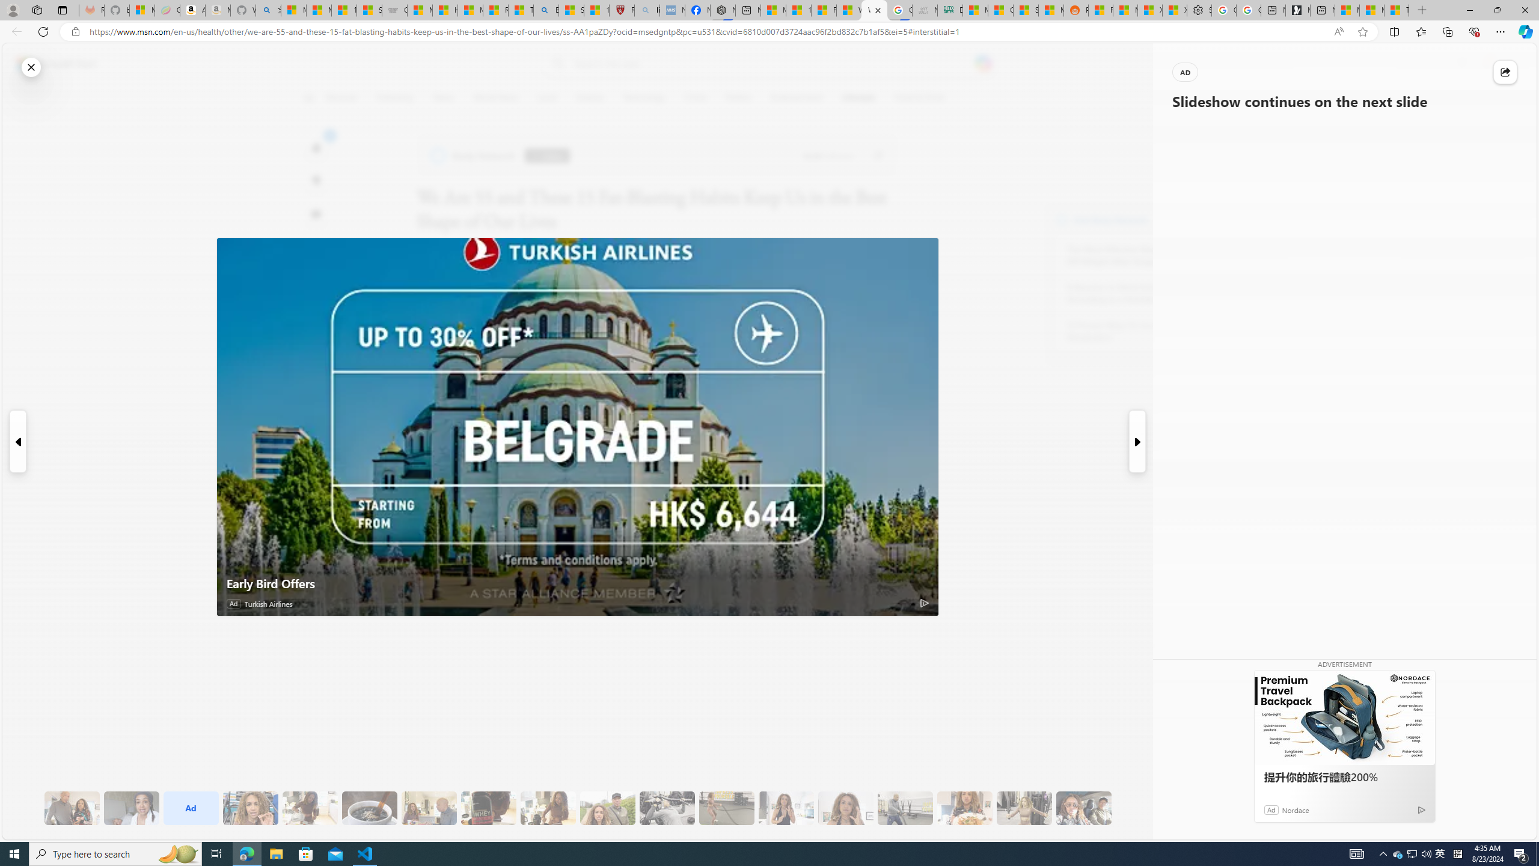 The height and width of the screenshot is (866, 1539). What do you see at coordinates (1397, 10) in the screenshot?
I see `'These 3 Stocks Pay You More Than 5% to Own Them'` at bounding box center [1397, 10].